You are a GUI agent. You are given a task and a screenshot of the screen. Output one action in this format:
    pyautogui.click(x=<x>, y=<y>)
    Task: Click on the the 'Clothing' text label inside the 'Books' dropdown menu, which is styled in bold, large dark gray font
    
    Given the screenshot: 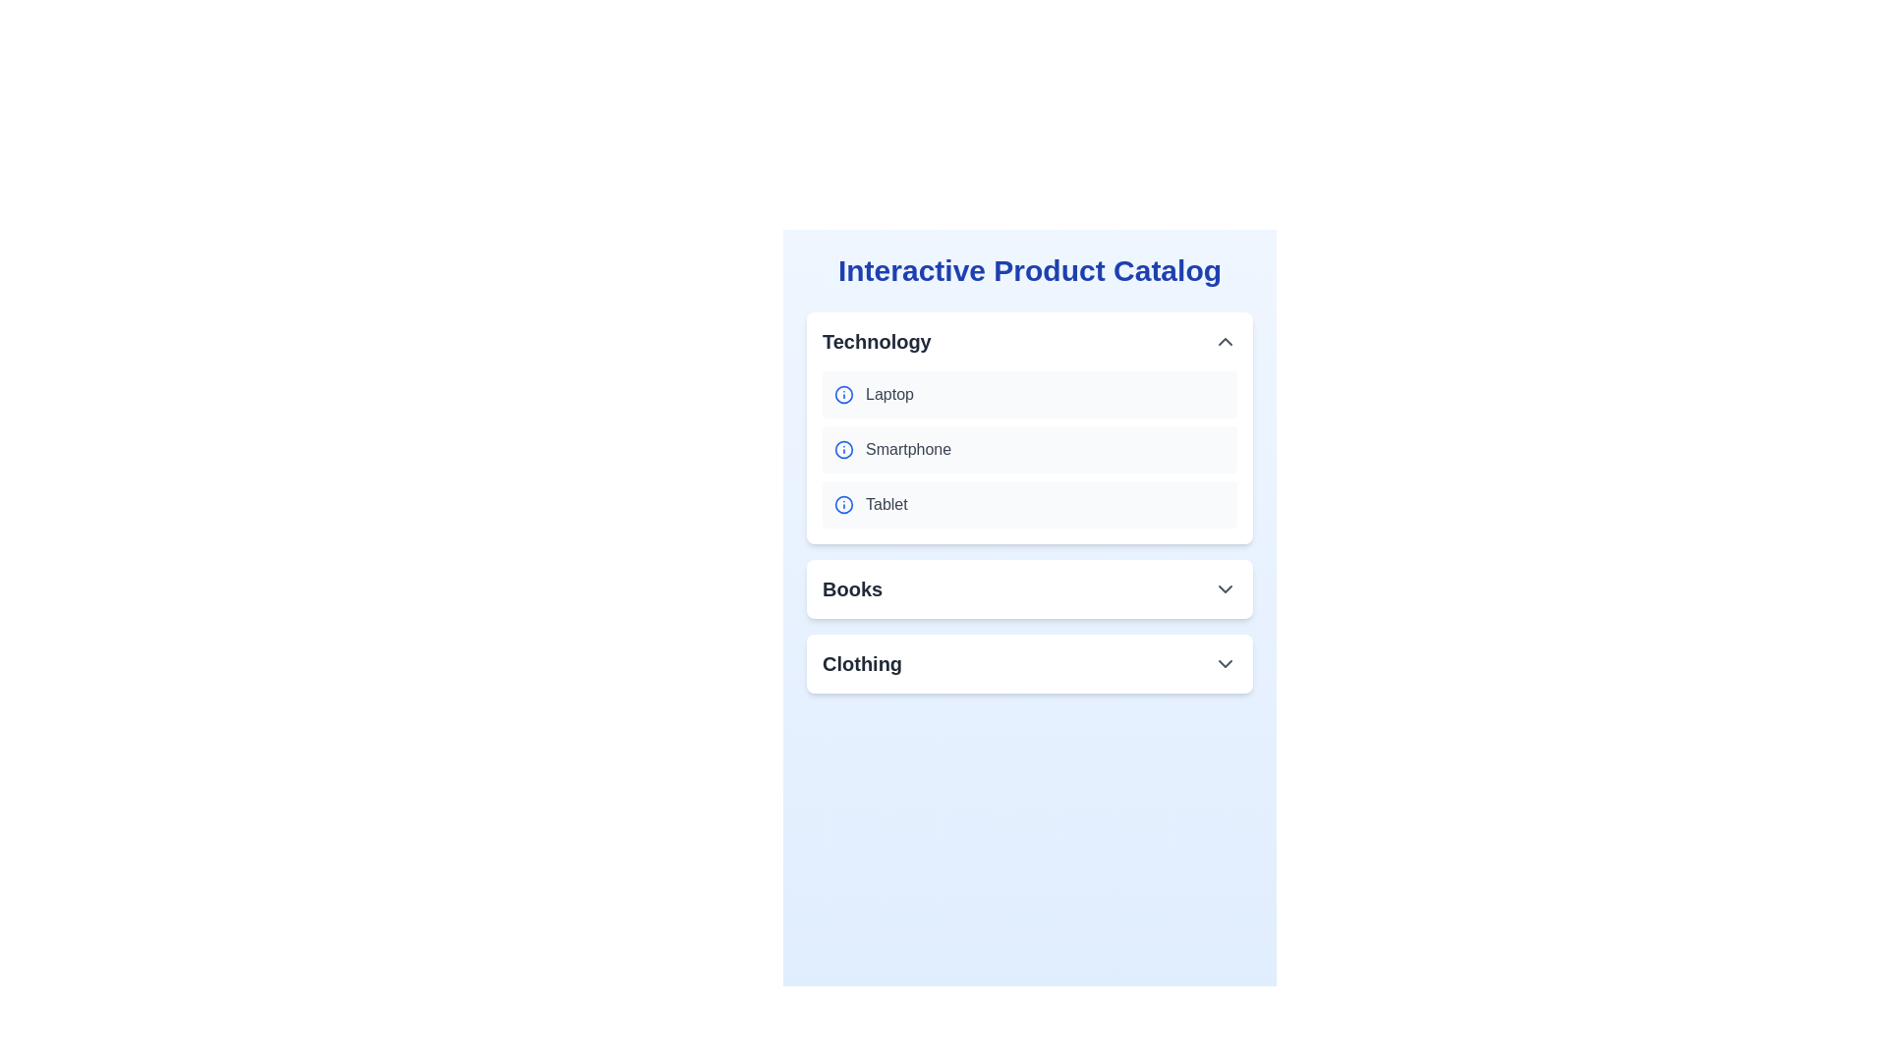 What is the action you would take?
    pyautogui.click(x=862, y=663)
    